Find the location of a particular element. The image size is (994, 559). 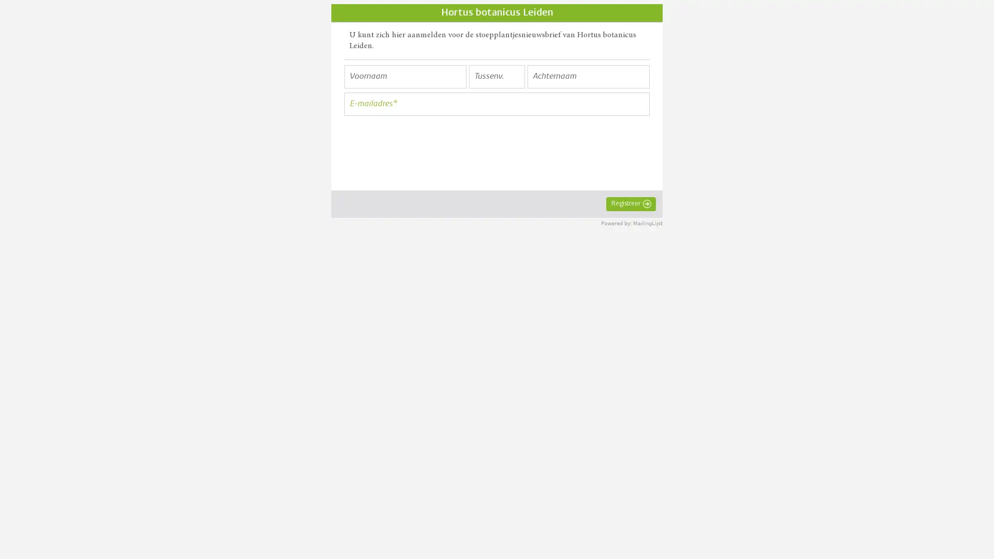

Registreer is located at coordinates (631, 203).